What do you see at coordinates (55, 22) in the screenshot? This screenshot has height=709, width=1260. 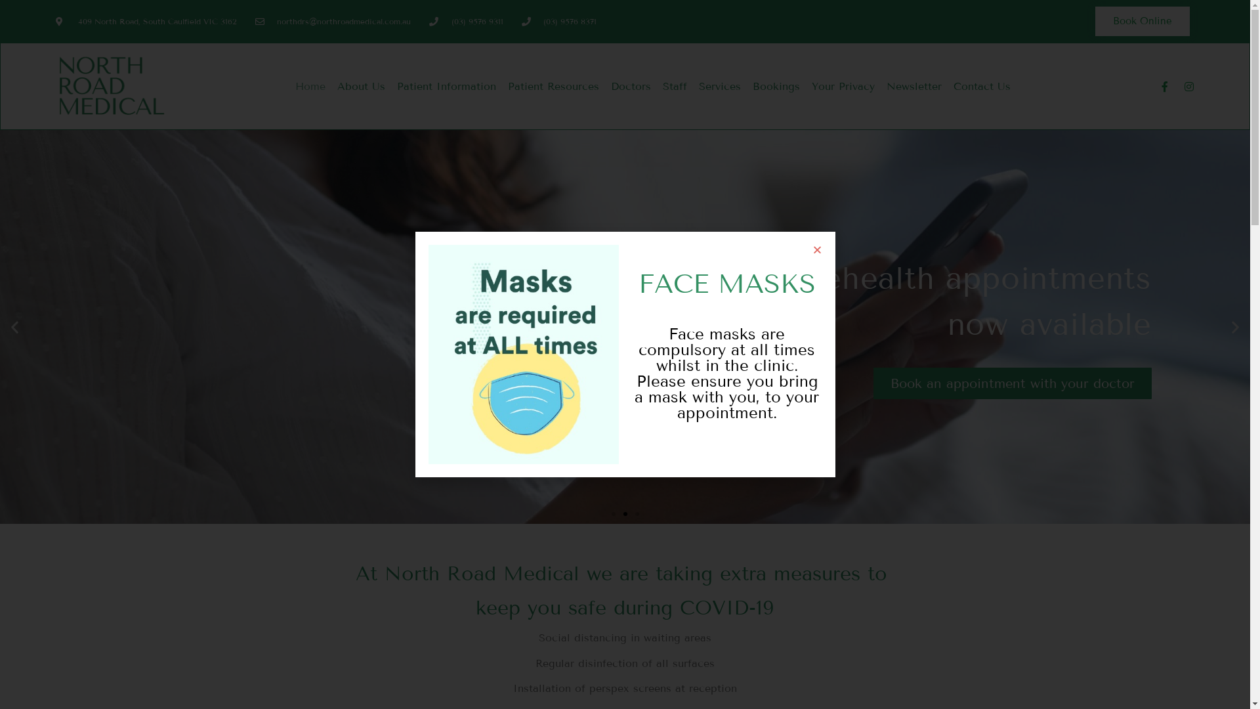 I see `'409 North Road, South Caulfield VIC 3162'` at bounding box center [55, 22].